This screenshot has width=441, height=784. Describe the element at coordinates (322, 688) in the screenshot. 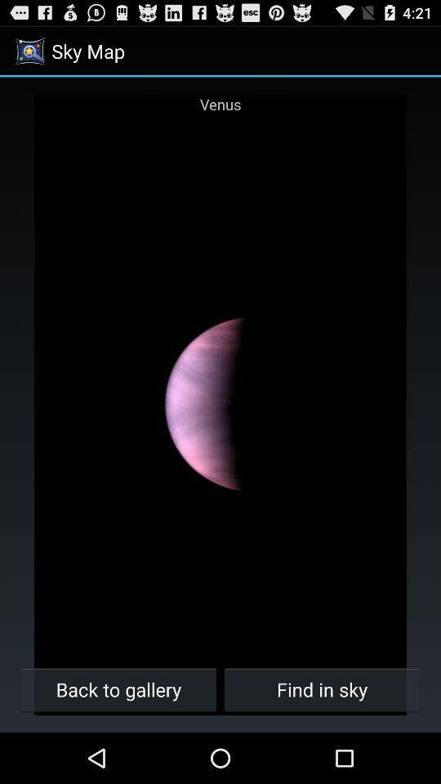

I see `the item next to the back to gallery item` at that location.